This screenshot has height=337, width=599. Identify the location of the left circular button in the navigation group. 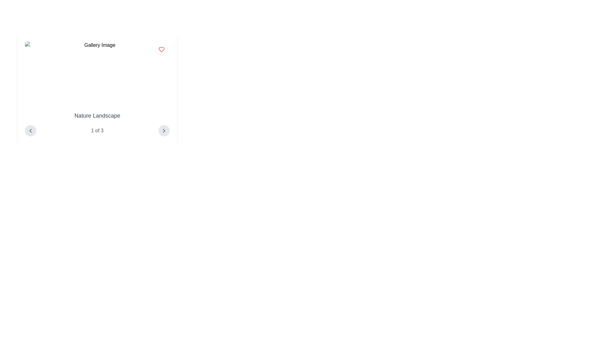
(30, 130).